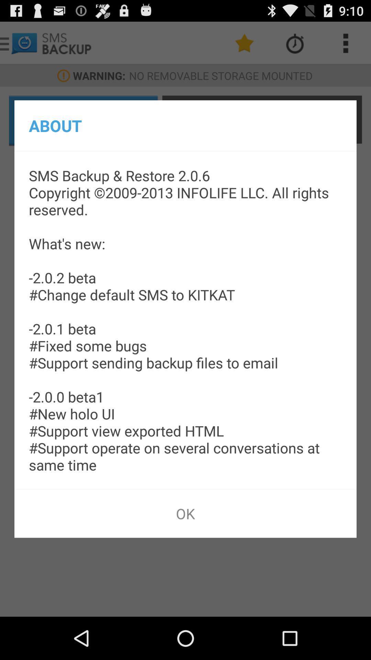  Describe the element at coordinates (185, 320) in the screenshot. I see `sms backup restore icon` at that location.